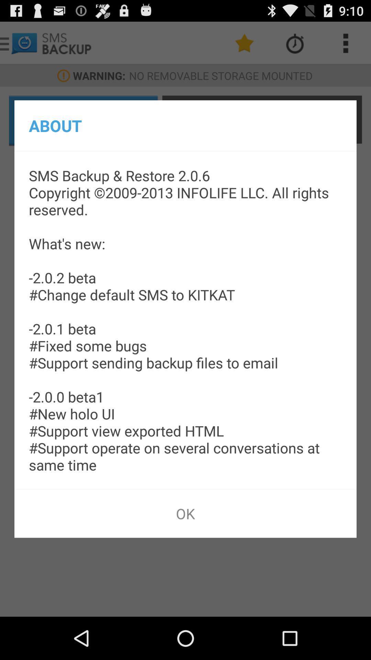  Describe the element at coordinates (185, 320) in the screenshot. I see `sms backup restore icon` at that location.